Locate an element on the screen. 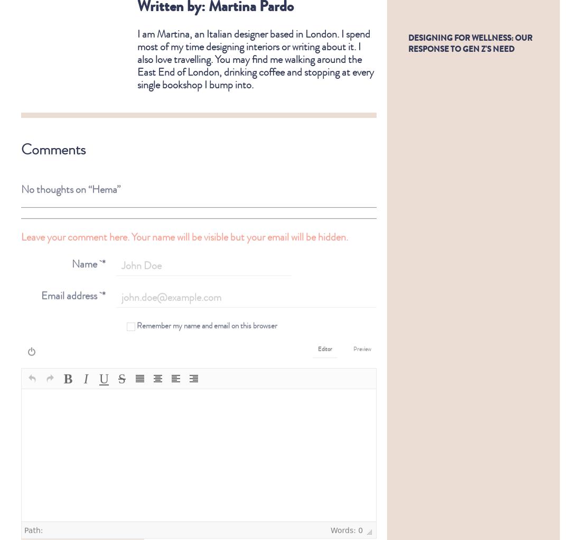 The width and height of the screenshot is (581, 540). '0' is located at coordinates (358, 521).